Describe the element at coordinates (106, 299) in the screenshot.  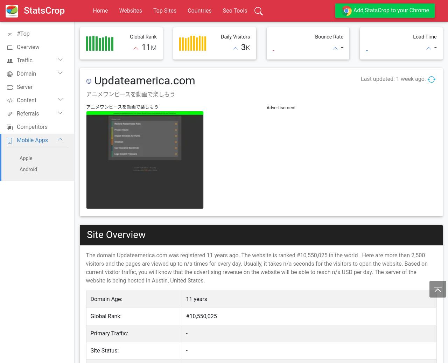
I see `'Domain Age:'` at that location.